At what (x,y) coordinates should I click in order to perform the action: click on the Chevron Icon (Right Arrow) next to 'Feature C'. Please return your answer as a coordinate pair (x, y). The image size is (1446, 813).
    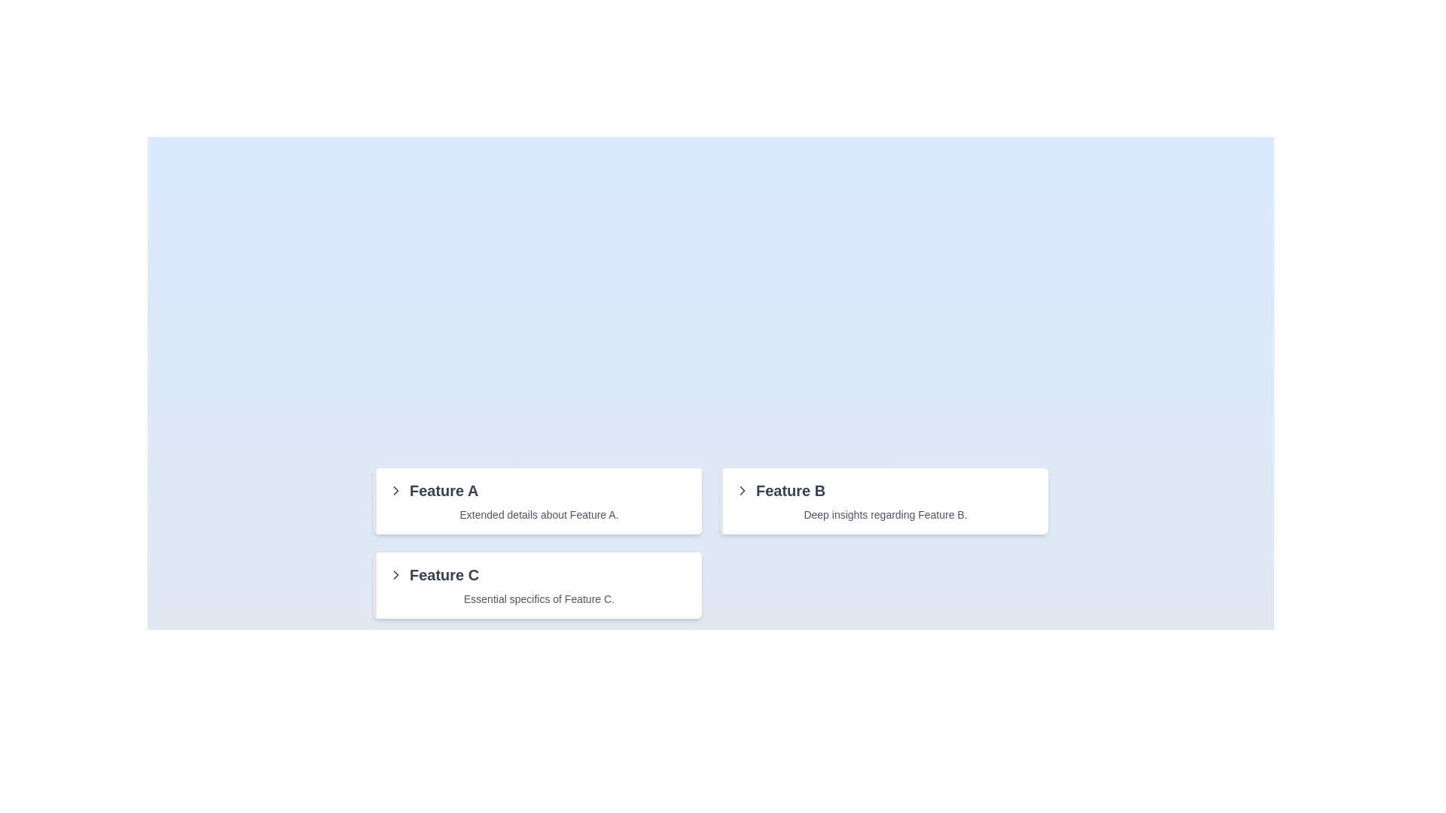
    Looking at the image, I should click on (396, 574).